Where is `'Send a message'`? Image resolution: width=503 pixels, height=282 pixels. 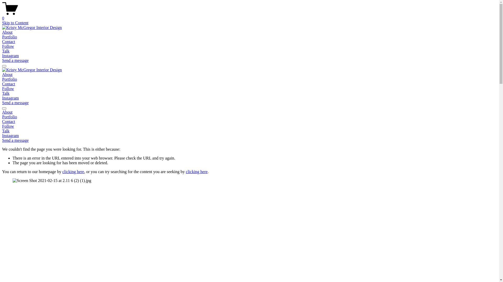
'Send a message' is located at coordinates (15, 140).